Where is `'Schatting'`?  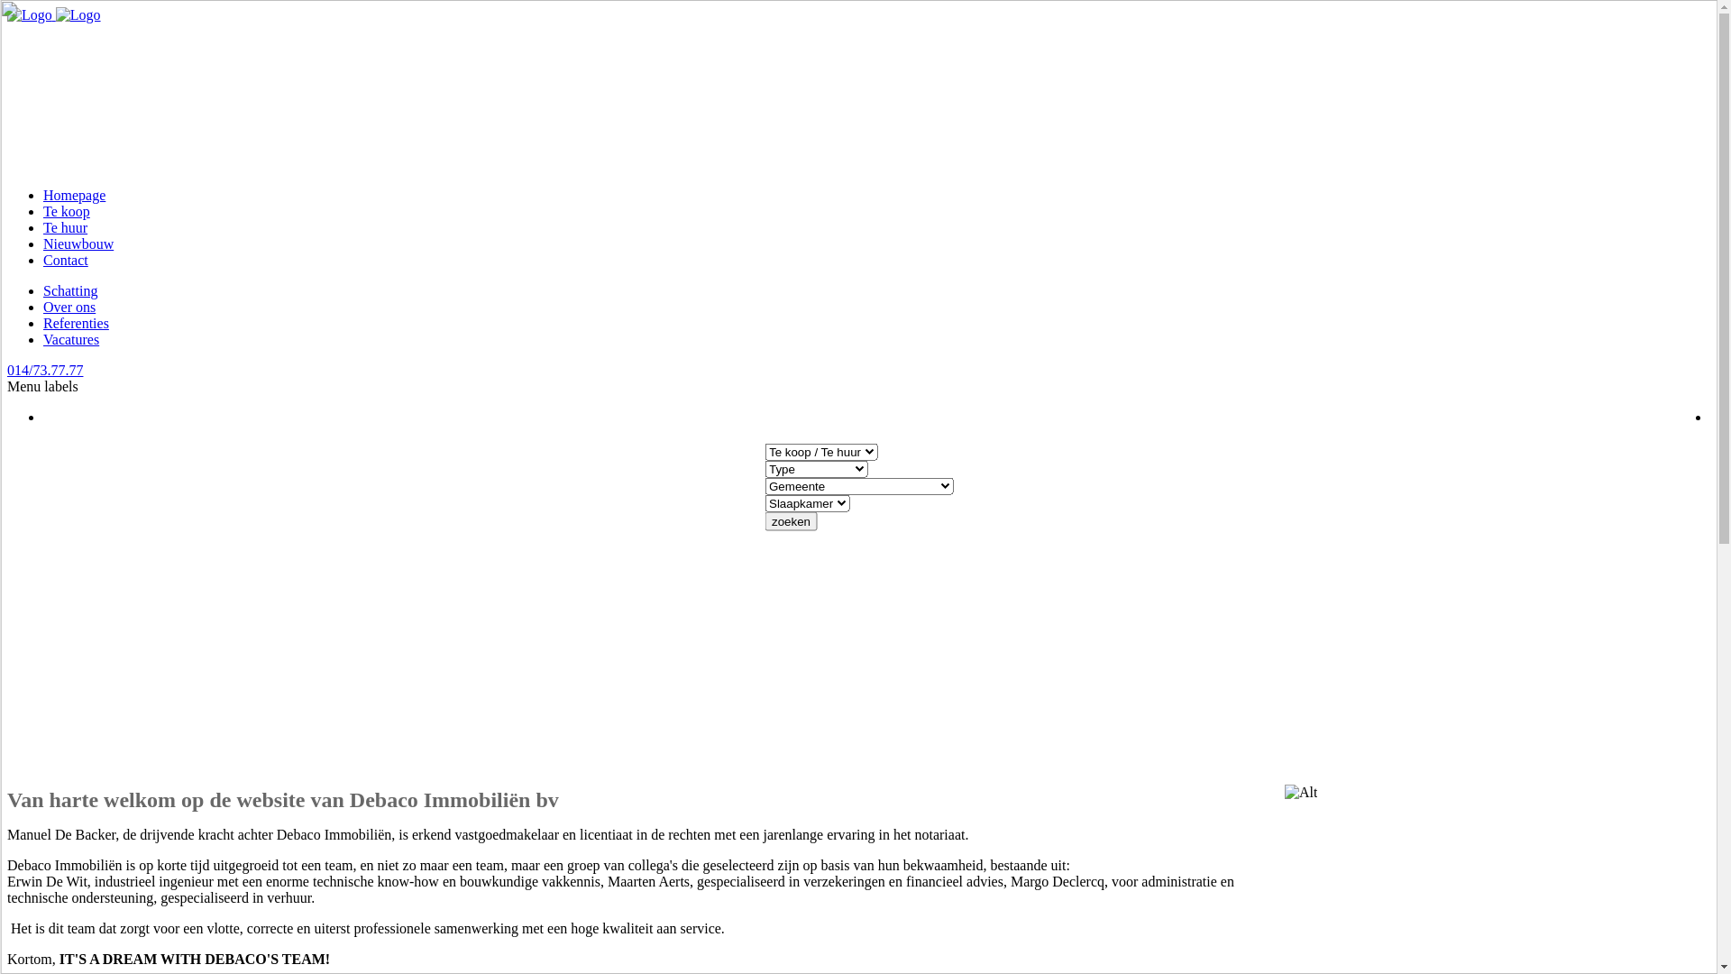 'Schatting' is located at coordinates (69, 289).